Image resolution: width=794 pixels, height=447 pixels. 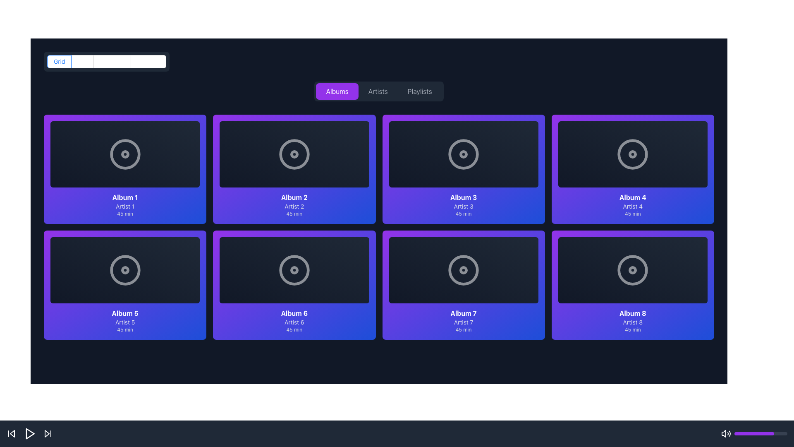 I want to click on progress bar, so click(x=772, y=433).